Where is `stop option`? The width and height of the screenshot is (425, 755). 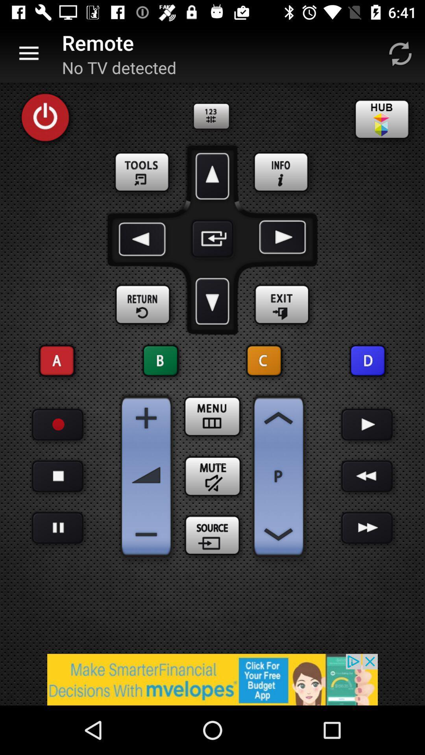 stop option is located at coordinates (57, 528).